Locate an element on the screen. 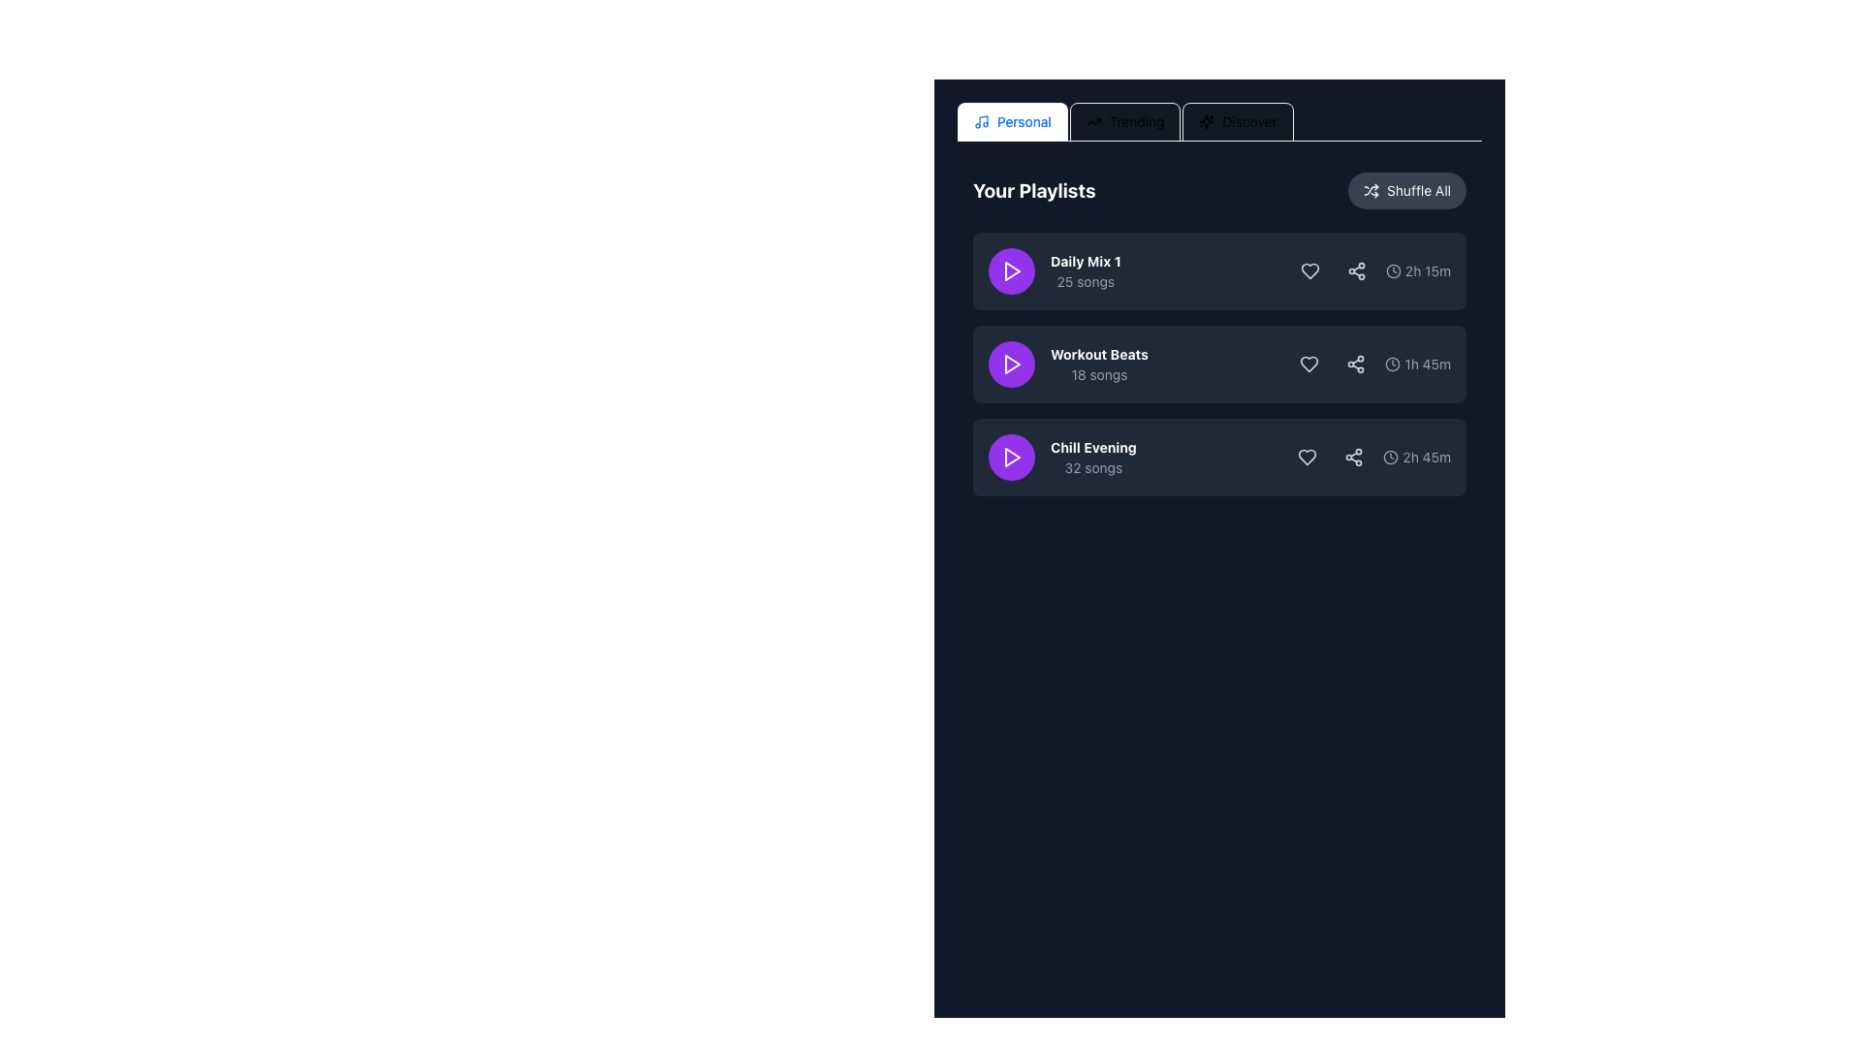 Image resolution: width=1861 pixels, height=1047 pixels. the second tab from the left in the tab navigation bar to switch to the 'Trending' section is located at coordinates (1125, 122).